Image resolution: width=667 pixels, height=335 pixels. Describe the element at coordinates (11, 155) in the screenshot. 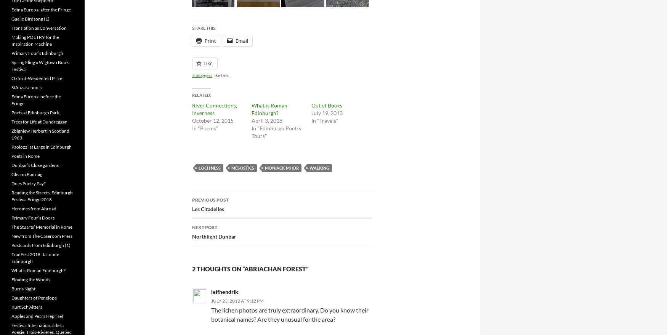

I see `'Poets in Rome'` at that location.